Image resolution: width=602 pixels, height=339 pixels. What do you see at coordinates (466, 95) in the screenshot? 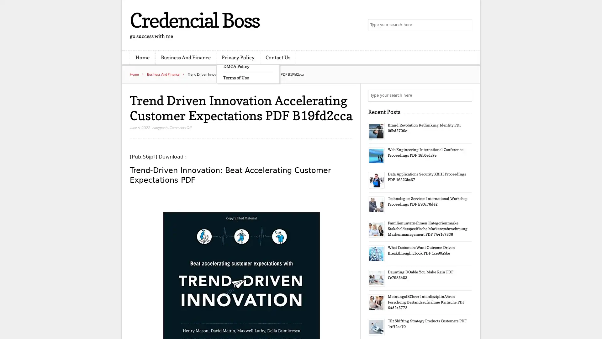
I see `Search` at bounding box center [466, 95].